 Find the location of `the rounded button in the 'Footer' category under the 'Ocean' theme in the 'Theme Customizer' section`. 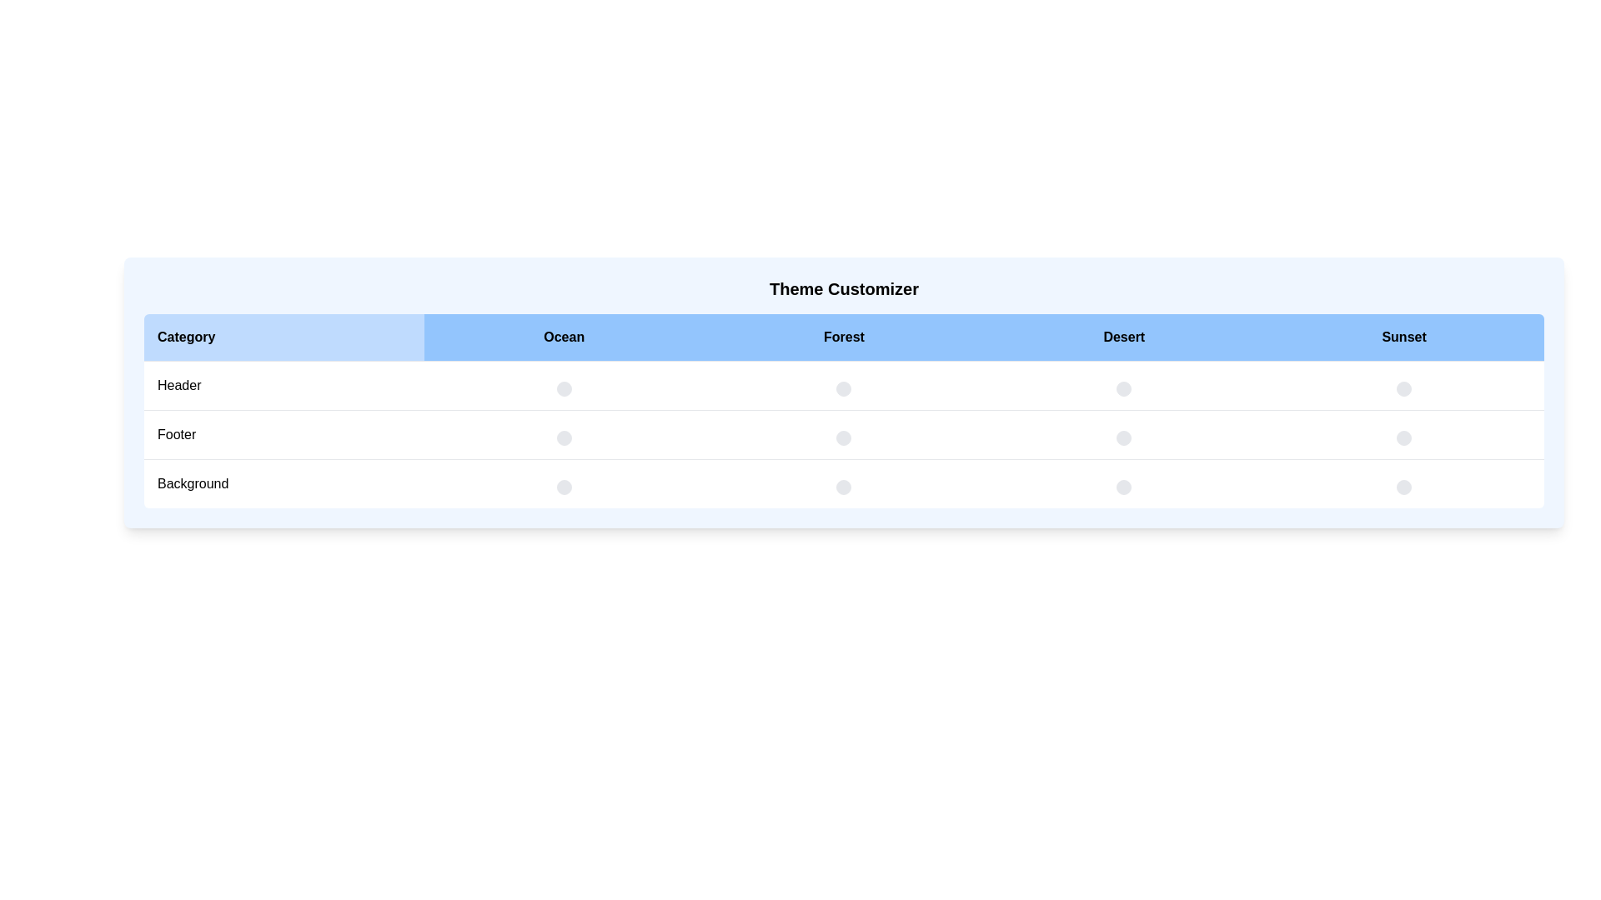

the rounded button in the 'Footer' category under the 'Ocean' theme in the 'Theme Customizer' section is located at coordinates (564, 433).